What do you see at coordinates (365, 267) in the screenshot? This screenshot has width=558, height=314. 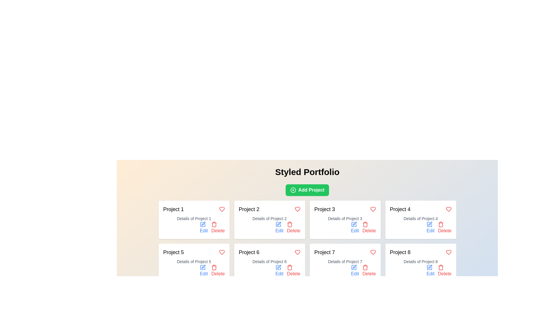 I see `the red-colored outlined trash can icon button located in the bottom-right corner of the Project 7 card to initiate the delete action` at bounding box center [365, 267].